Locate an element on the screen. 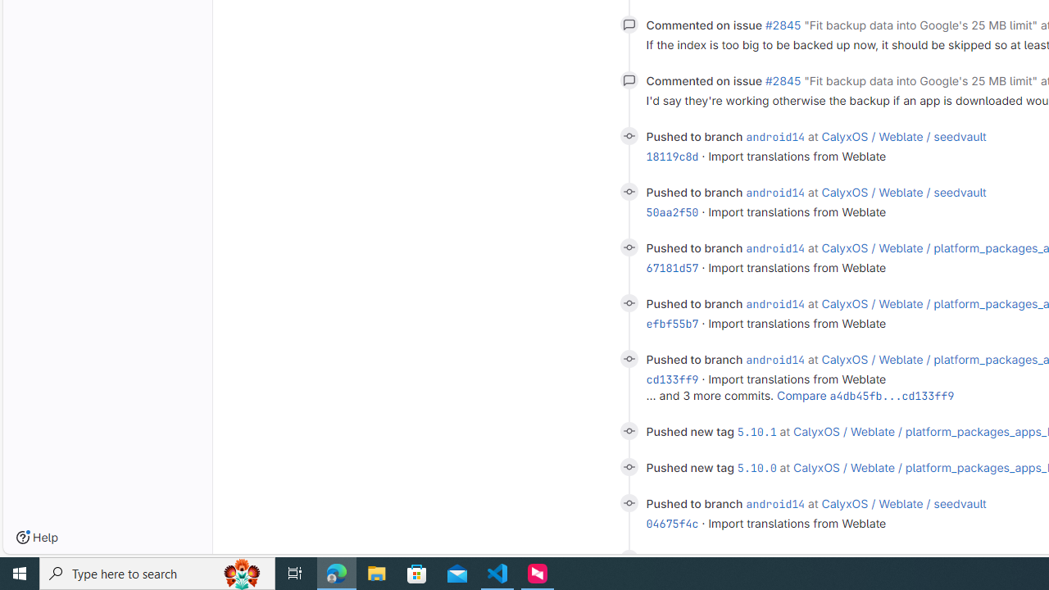  '18119c8d' is located at coordinates (672, 157).